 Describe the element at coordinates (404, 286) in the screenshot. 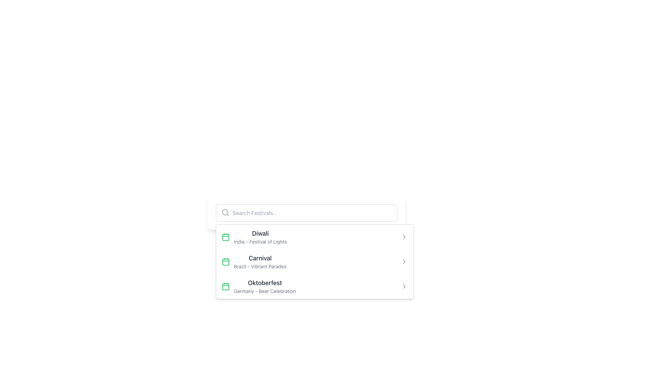

I see `the icon located on the rightmost side of the row labeled 'Oktoberfest Germany - Beer Celebration'` at that location.